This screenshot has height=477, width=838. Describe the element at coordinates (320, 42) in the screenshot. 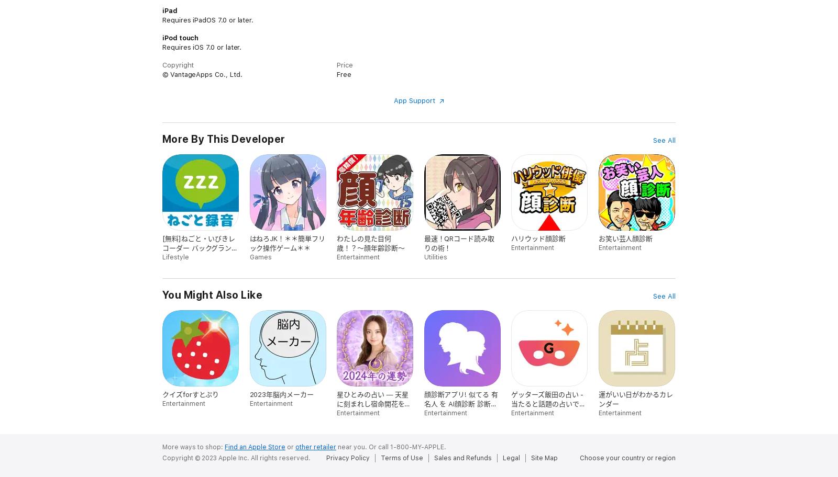

I see `'2. If you are doing a celebrity checkup, choose the gender: female, male, or neutral. (By choosing neutral you allow celebrities of both genders to become search targets.)'` at that location.